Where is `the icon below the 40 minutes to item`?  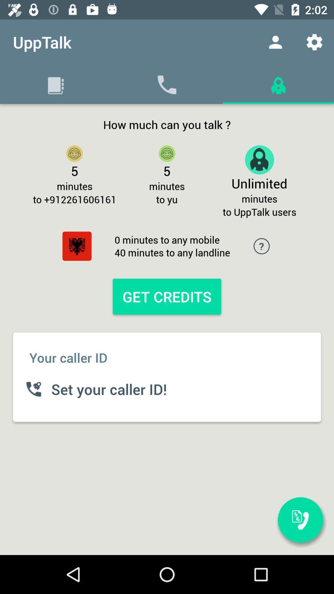
the icon below the 40 minutes to item is located at coordinates (167, 296).